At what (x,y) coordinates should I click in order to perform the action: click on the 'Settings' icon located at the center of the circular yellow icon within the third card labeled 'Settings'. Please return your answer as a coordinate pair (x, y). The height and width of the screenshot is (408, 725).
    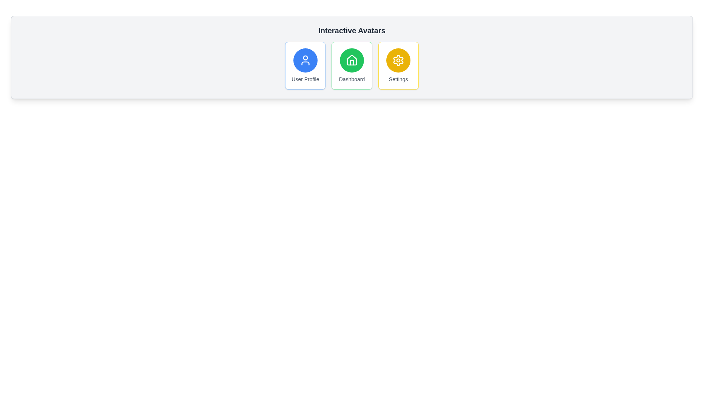
    Looking at the image, I should click on (398, 60).